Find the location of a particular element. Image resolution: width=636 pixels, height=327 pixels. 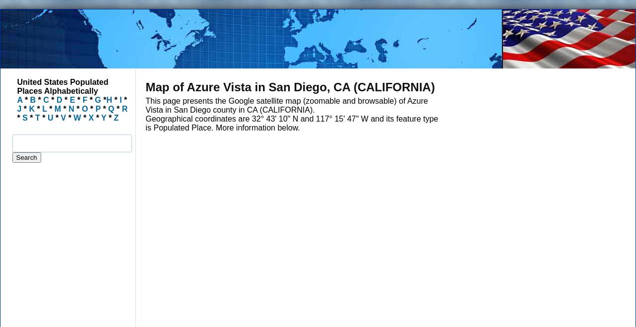

'Z' is located at coordinates (116, 117).